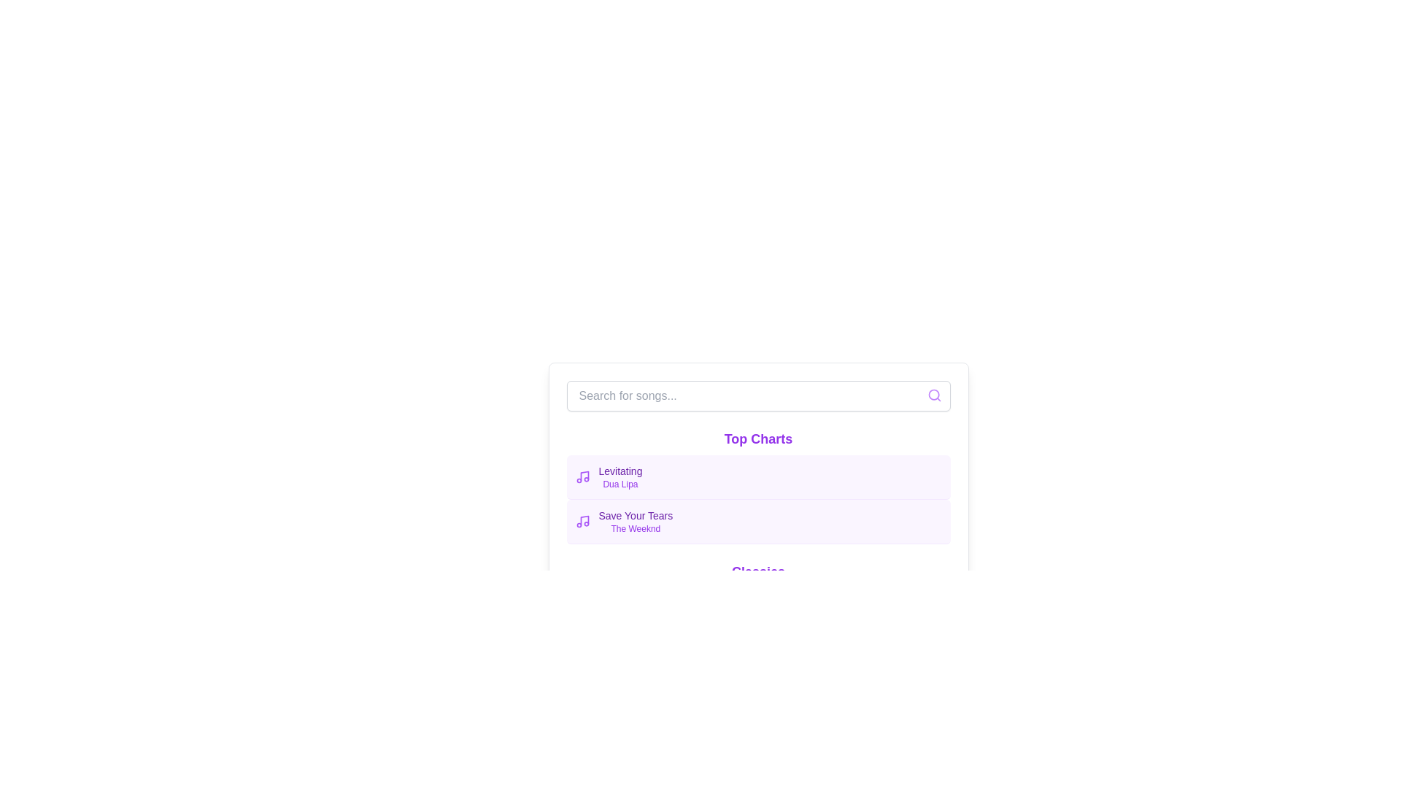 This screenshot has height=788, width=1401. I want to click on text content of the song entry label located under the 'Top Charts' section, which displays the title and artist of the song, so click(620, 477).